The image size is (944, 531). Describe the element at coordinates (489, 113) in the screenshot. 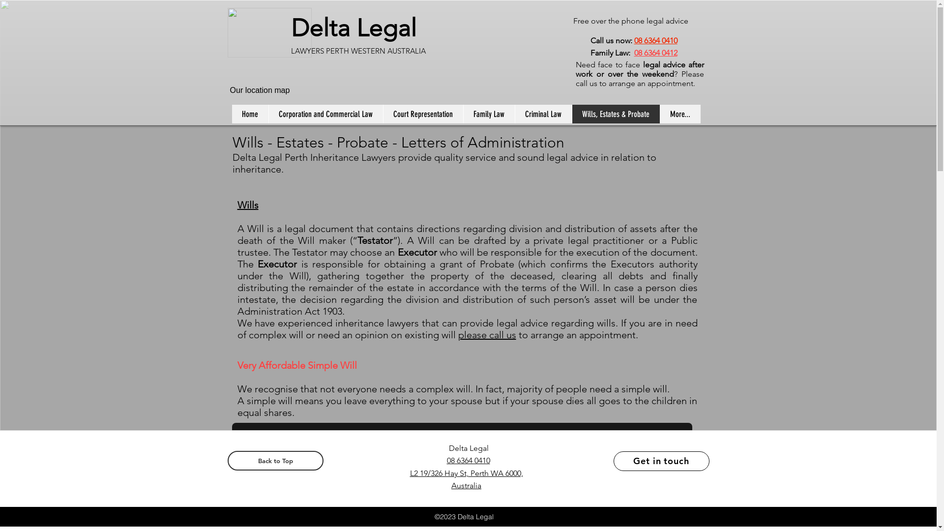

I see `'Family Law'` at that location.